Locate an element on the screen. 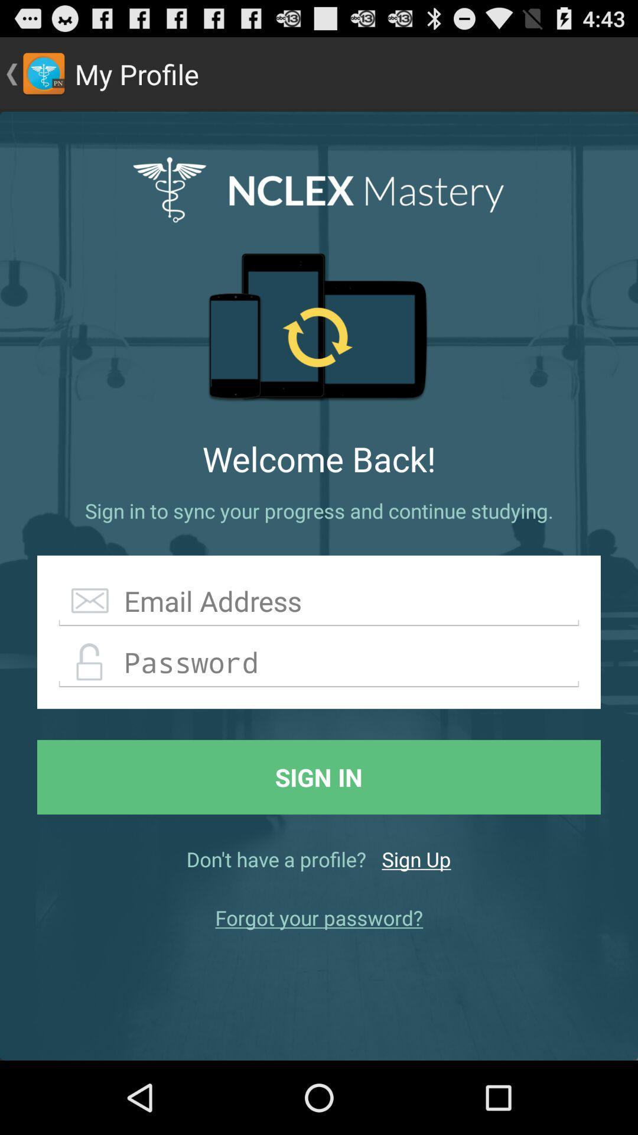 This screenshot has height=1135, width=638. icon below don t have app is located at coordinates (319, 917).